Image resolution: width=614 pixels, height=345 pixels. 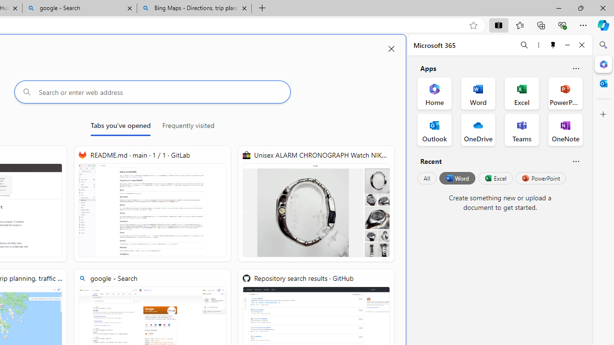 I want to click on 'Home Office App', so click(x=434, y=93).